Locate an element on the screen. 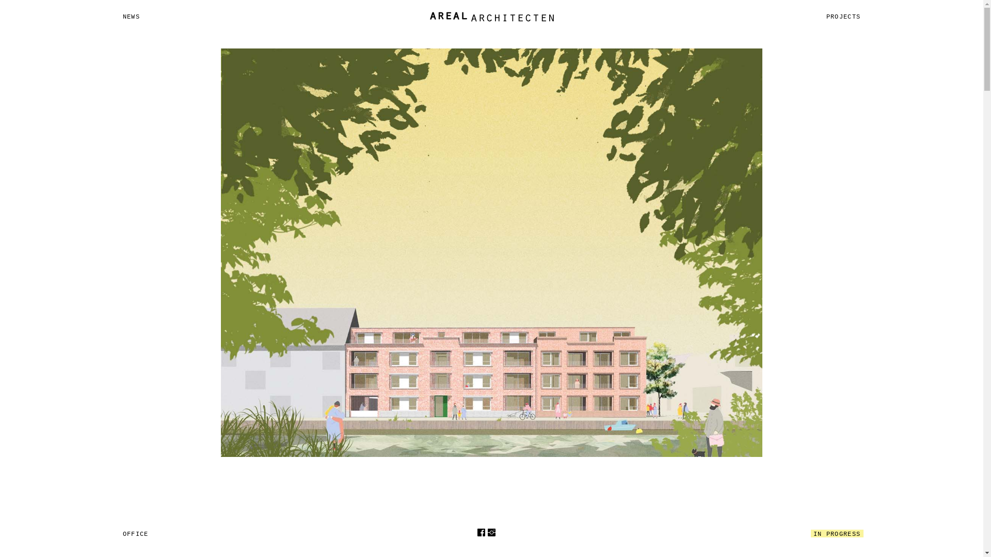 Image resolution: width=991 pixels, height=557 pixels. 'NEWS' is located at coordinates (119, 17).